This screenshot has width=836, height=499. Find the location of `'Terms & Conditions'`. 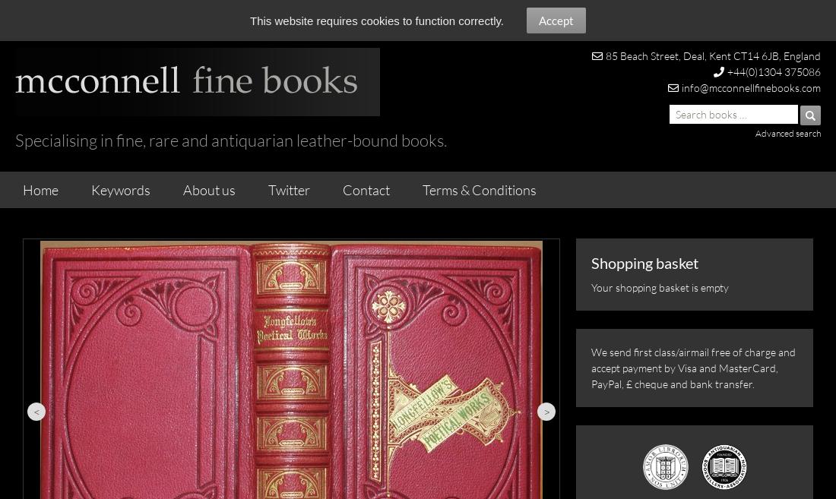

'Terms & Conditions' is located at coordinates (479, 189).